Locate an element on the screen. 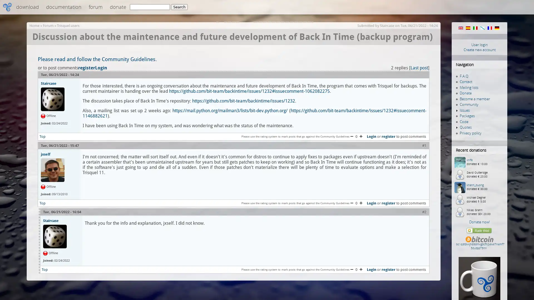  Search is located at coordinates (179, 7).